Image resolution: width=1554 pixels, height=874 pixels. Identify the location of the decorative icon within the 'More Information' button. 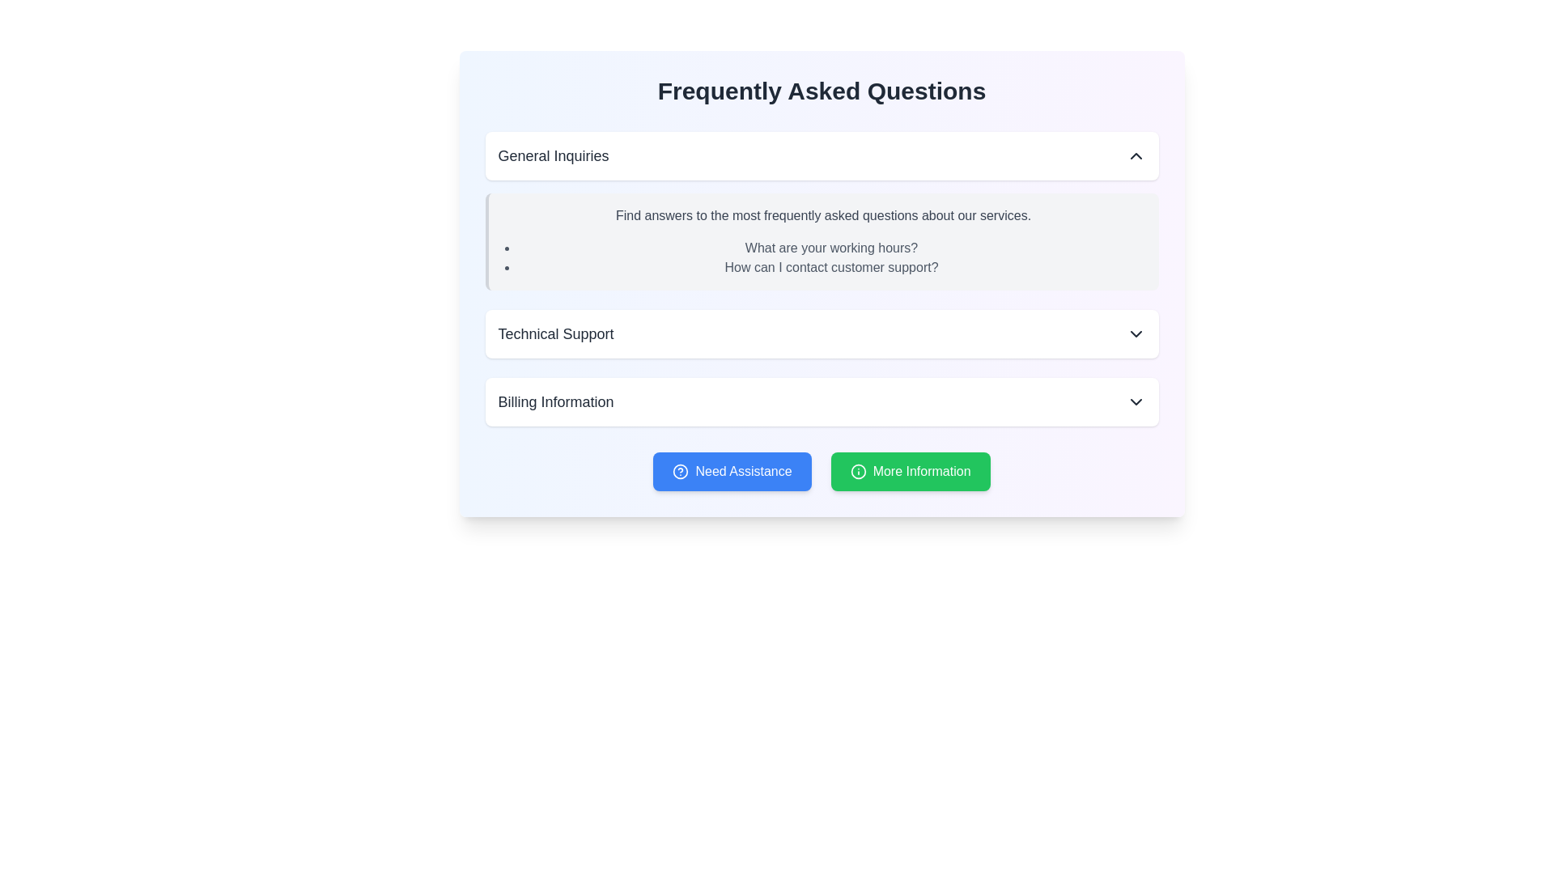
(857, 471).